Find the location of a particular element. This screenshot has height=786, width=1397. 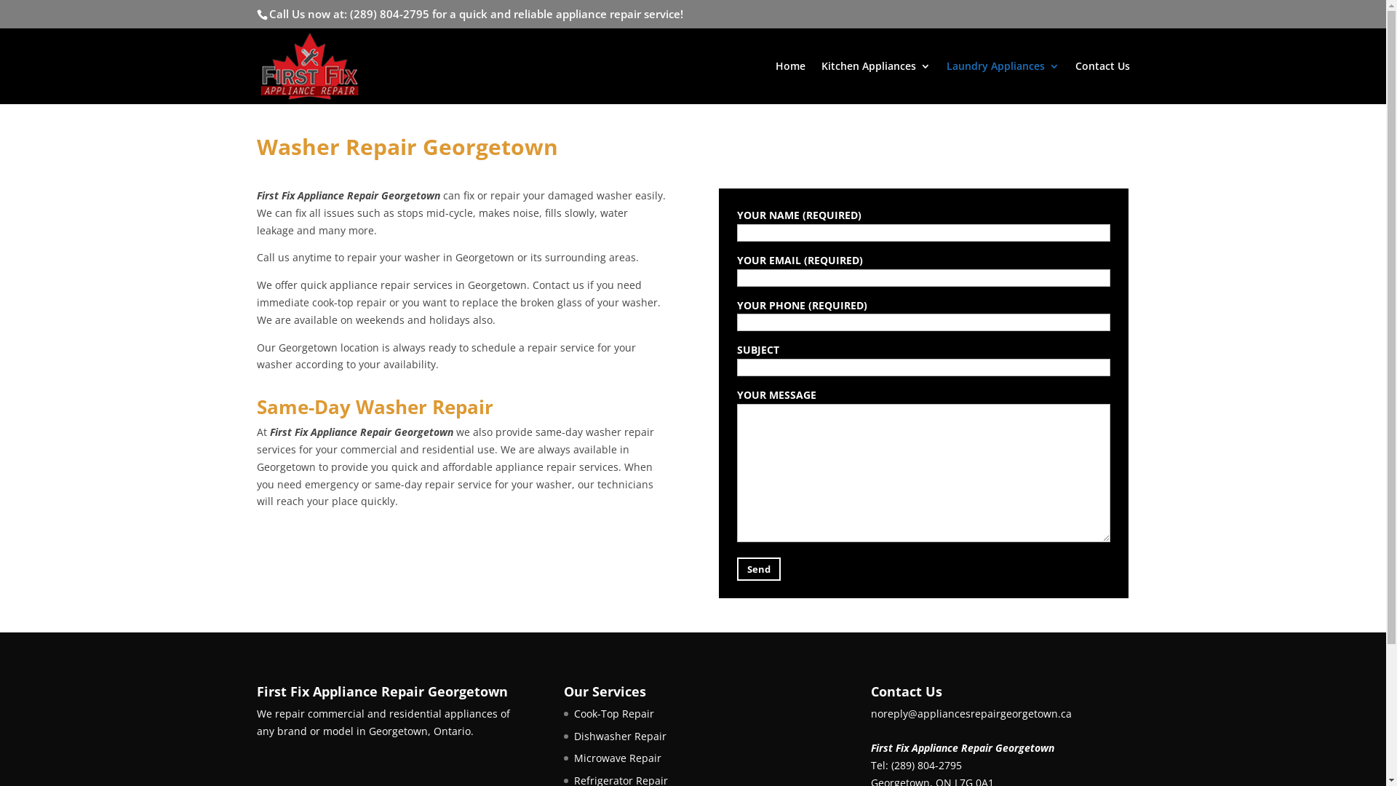

'Cook-Top Repair' is located at coordinates (613, 712).